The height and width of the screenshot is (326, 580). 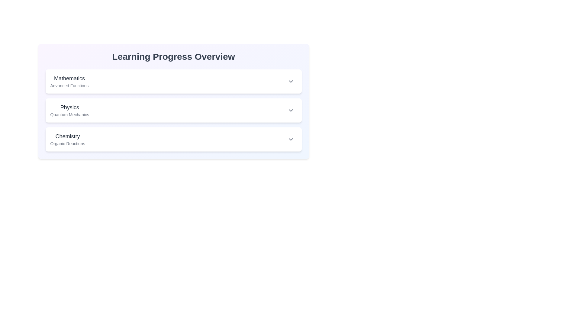 What do you see at coordinates (69, 107) in the screenshot?
I see `the static text heading 'Physics' which identifies the topic within the learning progress overview interface` at bounding box center [69, 107].